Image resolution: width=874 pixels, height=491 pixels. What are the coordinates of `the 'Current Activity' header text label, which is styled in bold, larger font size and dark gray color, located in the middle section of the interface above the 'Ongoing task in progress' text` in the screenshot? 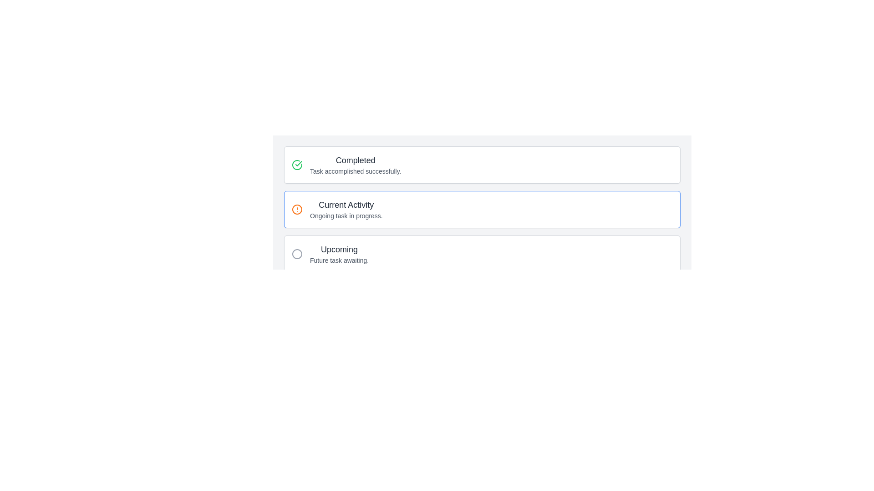 It's located at (346, 205).